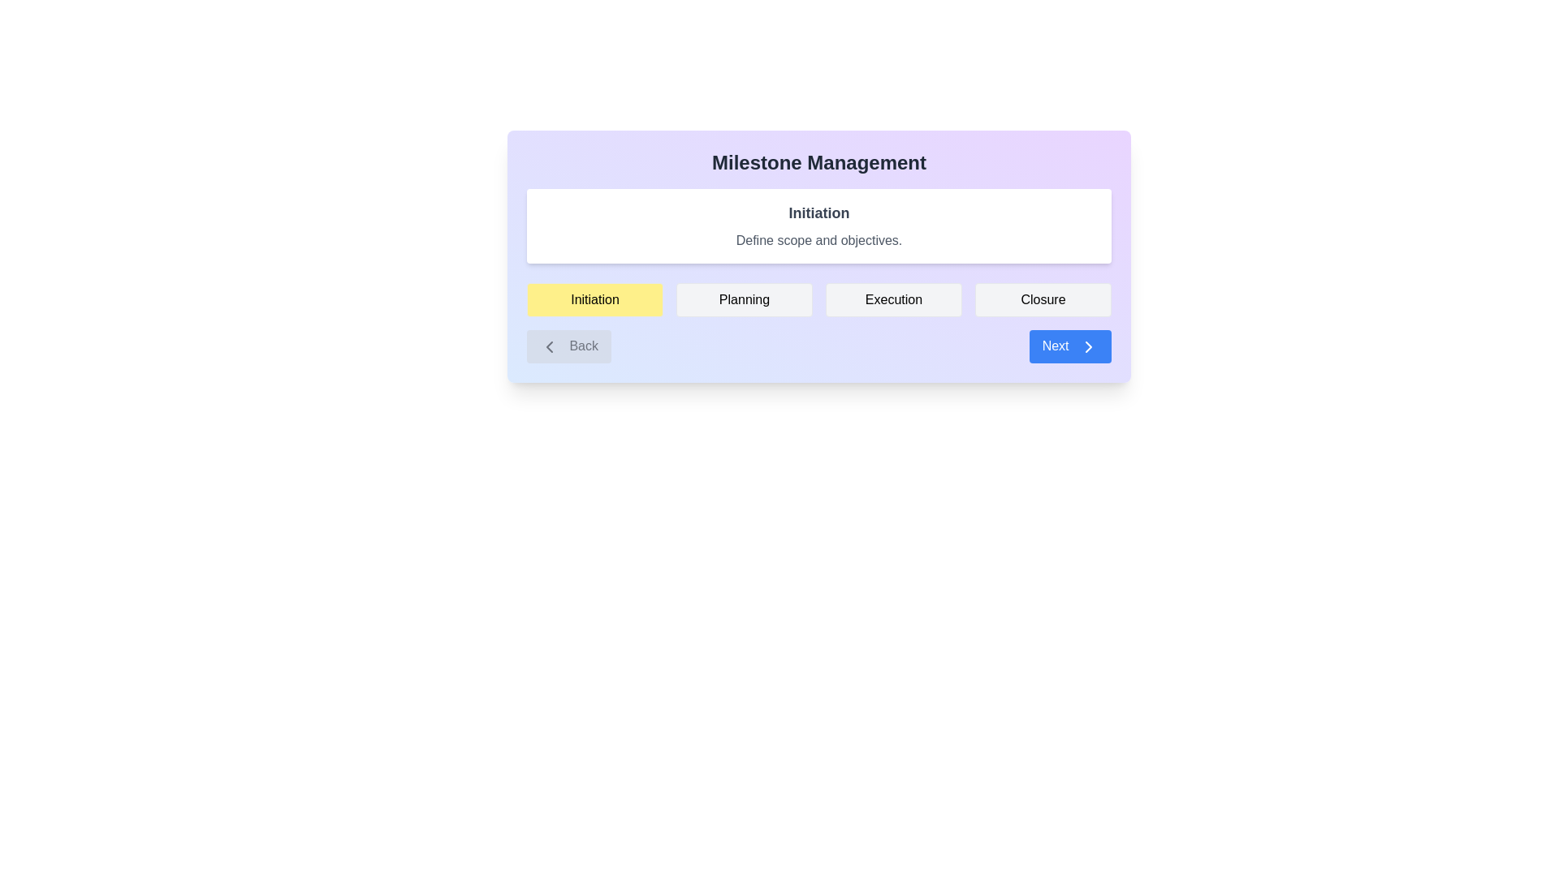  Describe the element at coordinates (818, 300) in the screenshot. I see `the active section 'Initiation' of the Multi-section progress indicator` at that location.